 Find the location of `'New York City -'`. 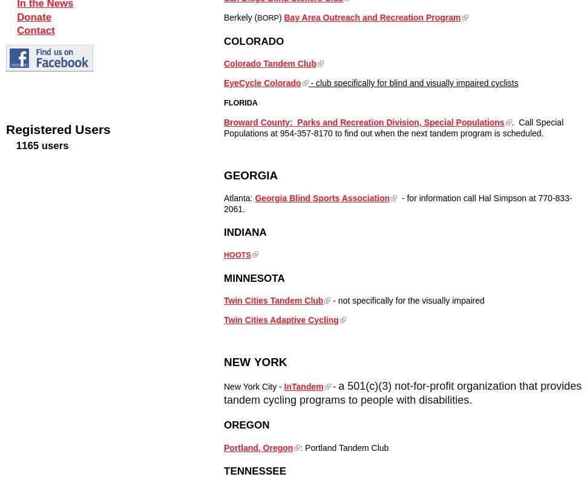

'New York City -' is located at coordinates (254, 385).